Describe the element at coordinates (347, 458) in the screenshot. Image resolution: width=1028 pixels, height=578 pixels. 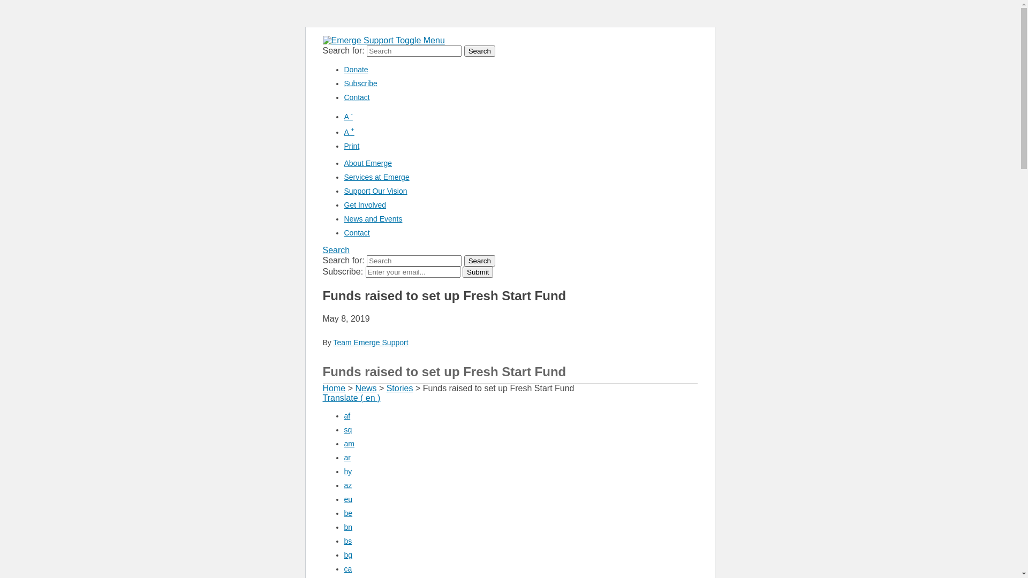
I see `'ar'` at that location.